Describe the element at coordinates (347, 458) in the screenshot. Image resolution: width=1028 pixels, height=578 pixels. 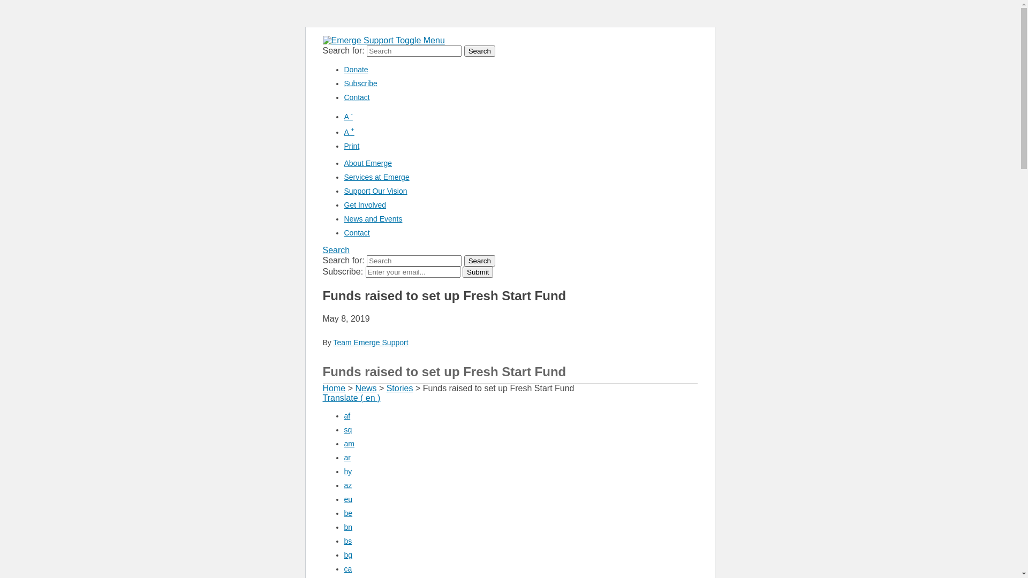
I see `'ar'` at that location.